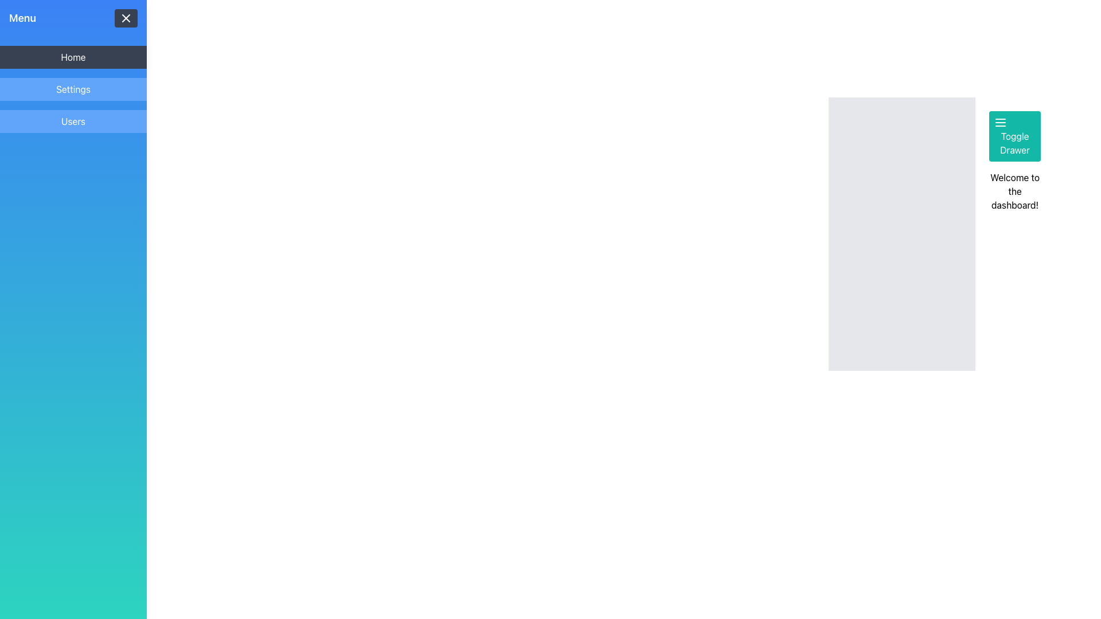 The height and width of the screenshot is (619, 1101). I want to click on the close button located at the top-right corner of the sidebar menu, so click(126, 18).